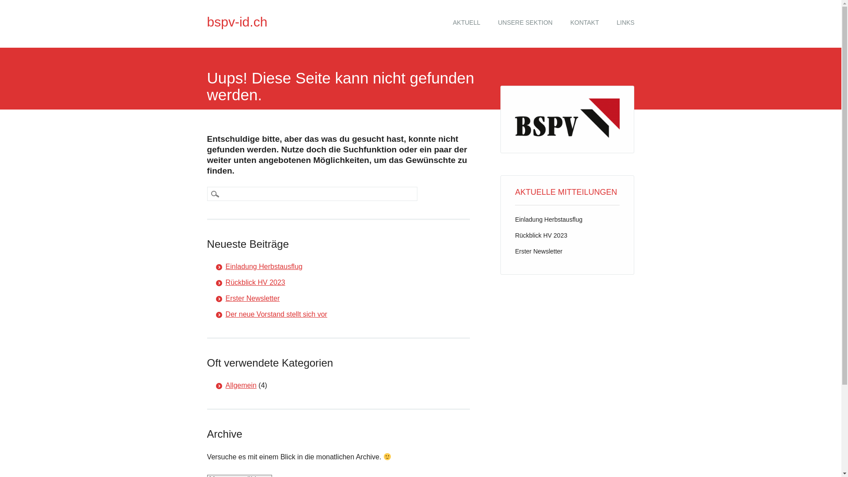 This screenshot has width=848, height=477. What do you see at coordinates (584, 22) in the screenshot?
I see `'KONTAKT'` at bounding box center [584, 22].